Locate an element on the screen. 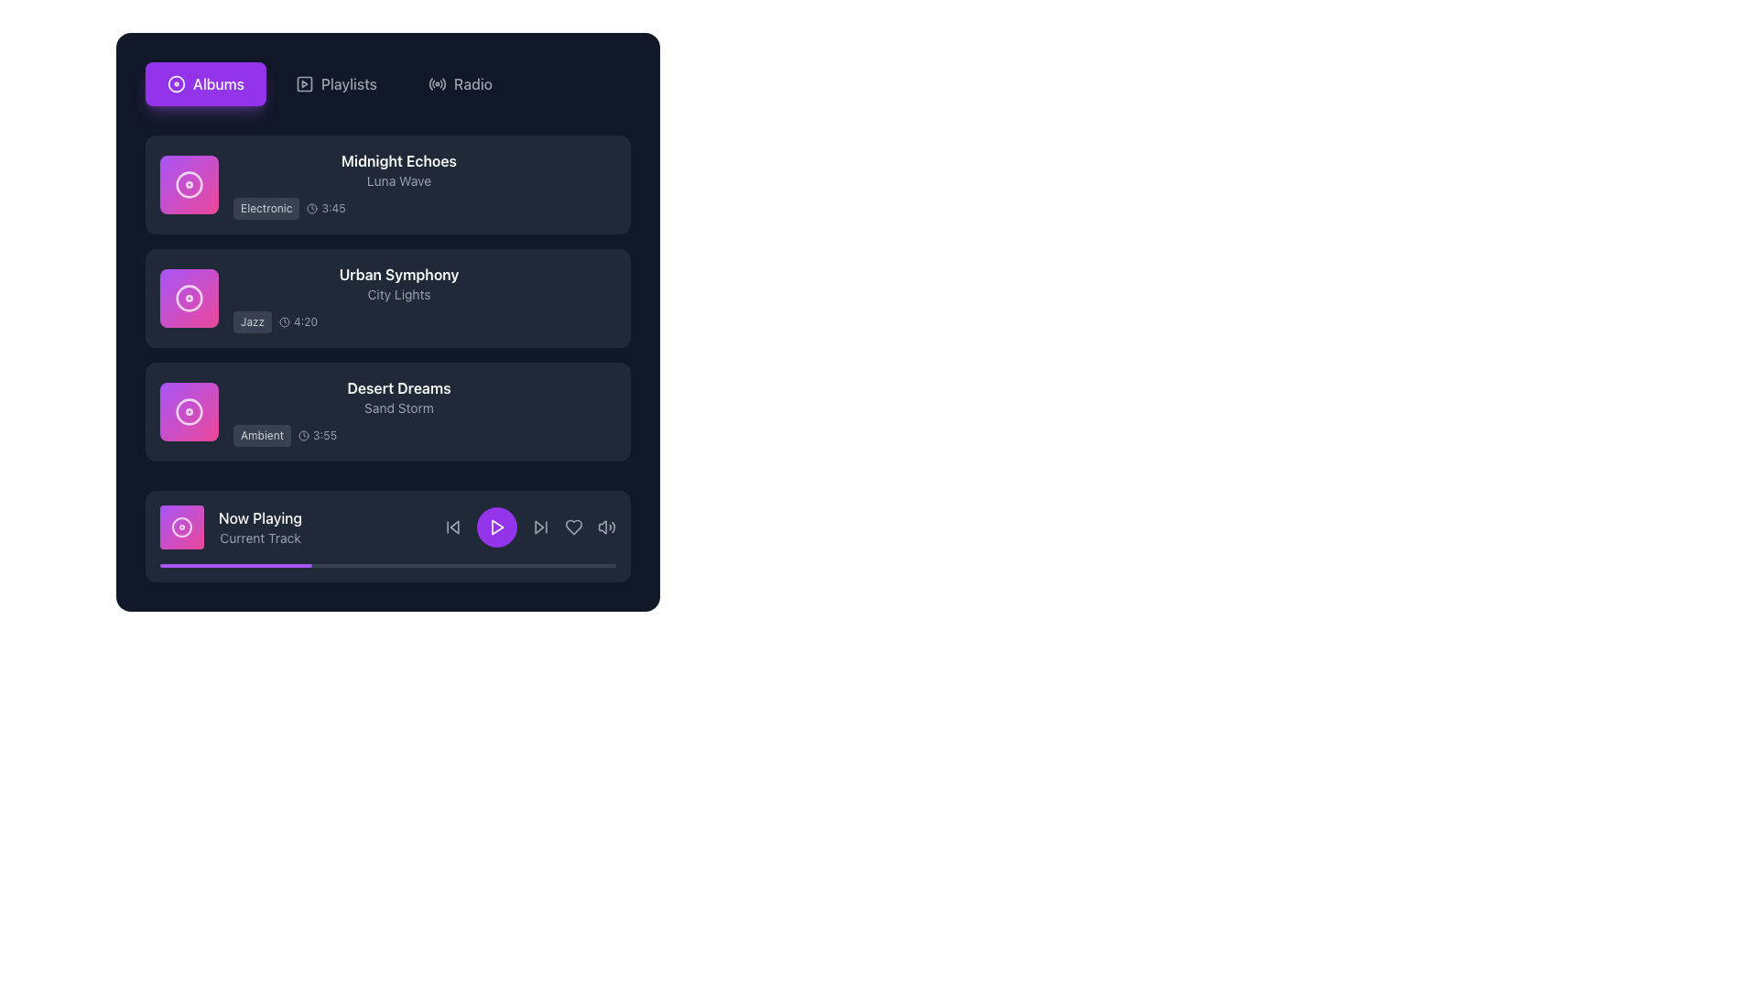  the vector graphic circle element representing the clock symbol is located at coordinates (304, 435).